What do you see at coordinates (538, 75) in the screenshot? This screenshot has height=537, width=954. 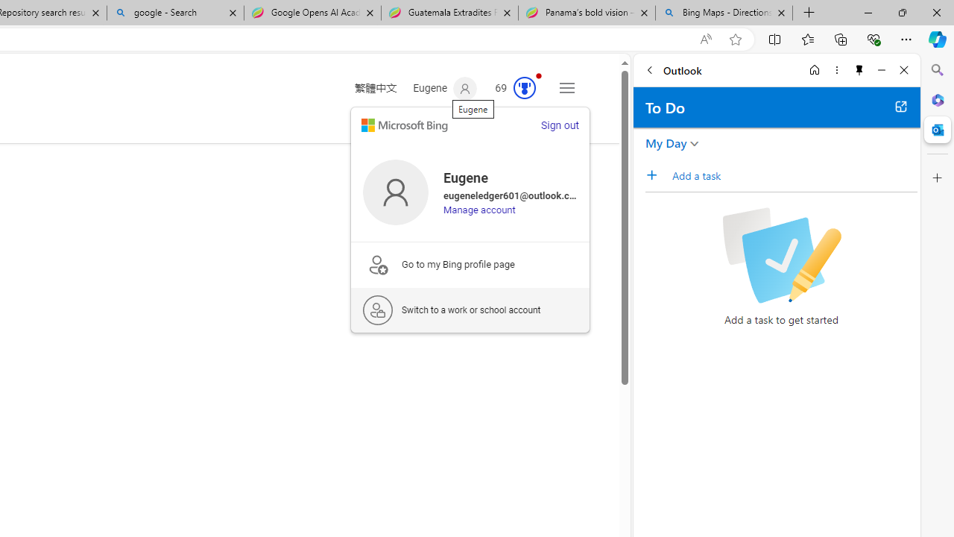 I see `'Animation'` at bounding box center [538, 75].